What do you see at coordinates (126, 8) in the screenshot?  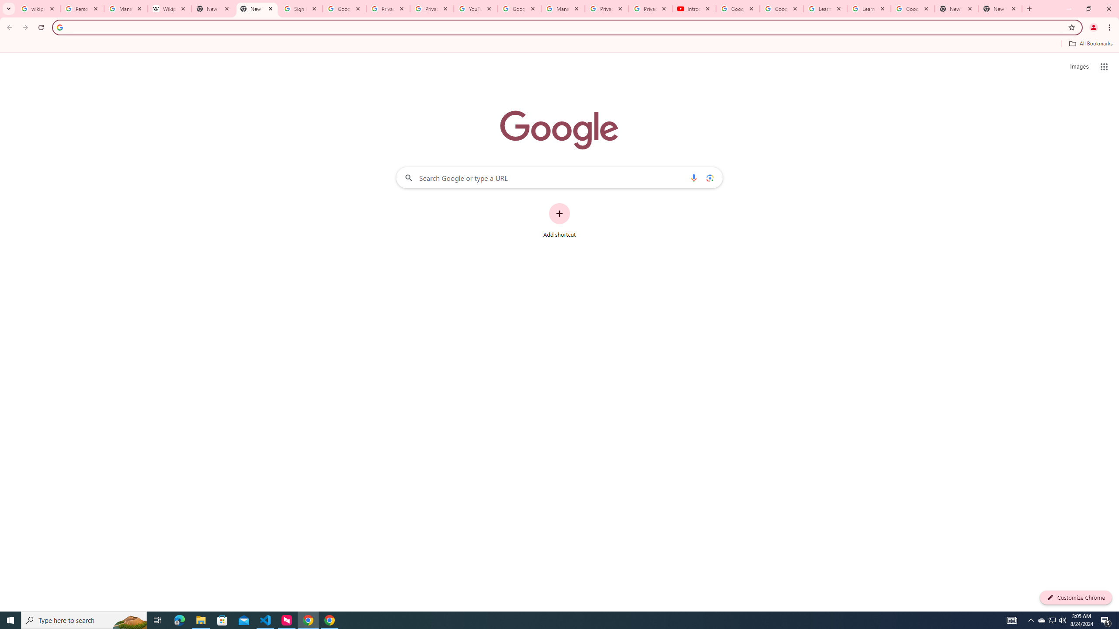 I see `'Manage your Location History - Google Search Help'` at bounding box center [126, 8].